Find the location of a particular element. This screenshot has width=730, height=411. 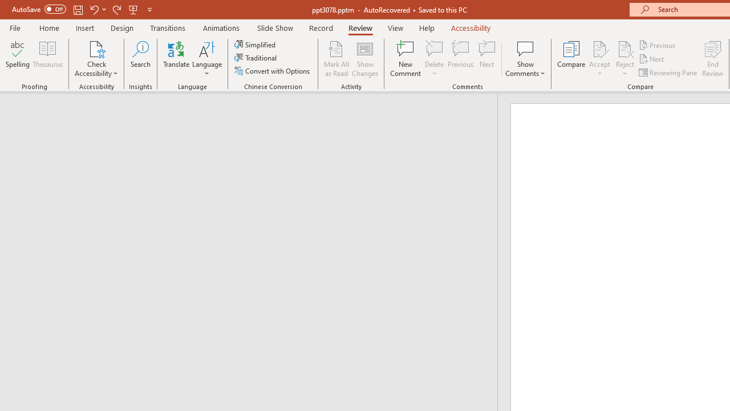

'Compare' is located at coordinates (571, 59).